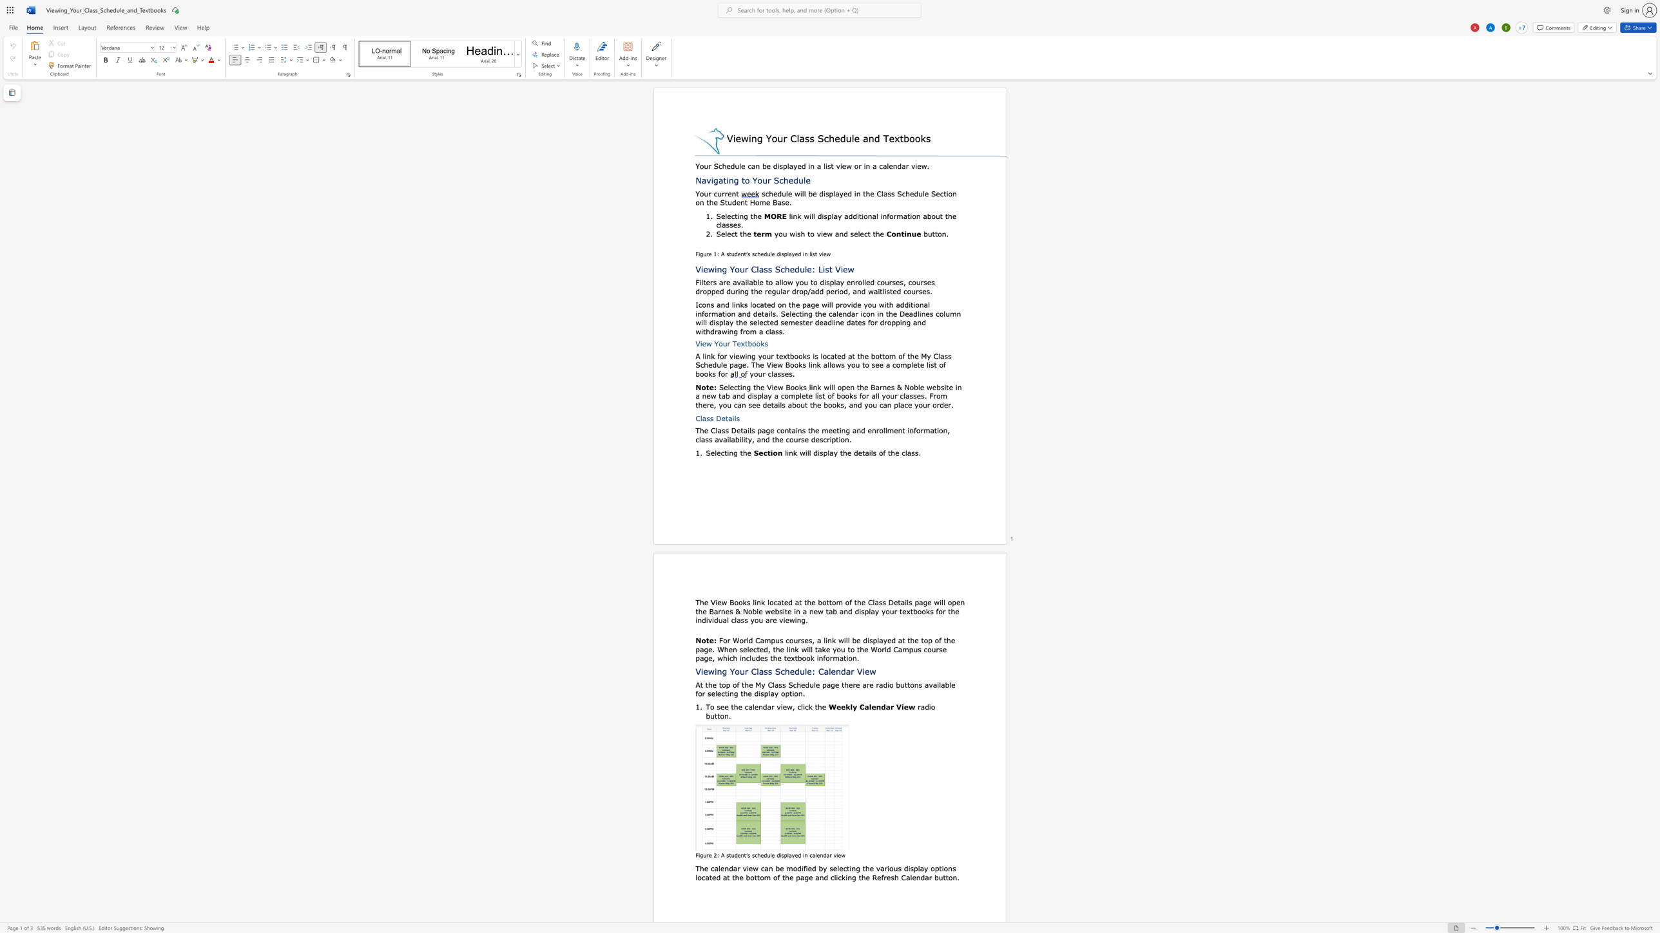 Image resolution: width=1660 pixels, height=933 pixels. I want to click on the space between the continuous character "a" and "s" in the text, so click(706, 417).